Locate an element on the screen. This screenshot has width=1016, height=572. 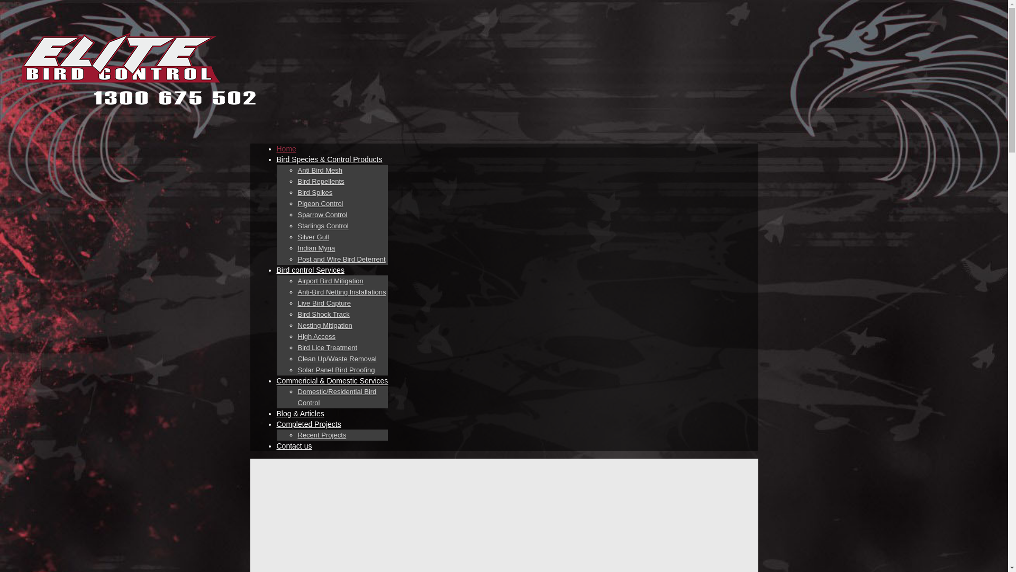
'Sparrow Control' is located at coordinates (296, 215).